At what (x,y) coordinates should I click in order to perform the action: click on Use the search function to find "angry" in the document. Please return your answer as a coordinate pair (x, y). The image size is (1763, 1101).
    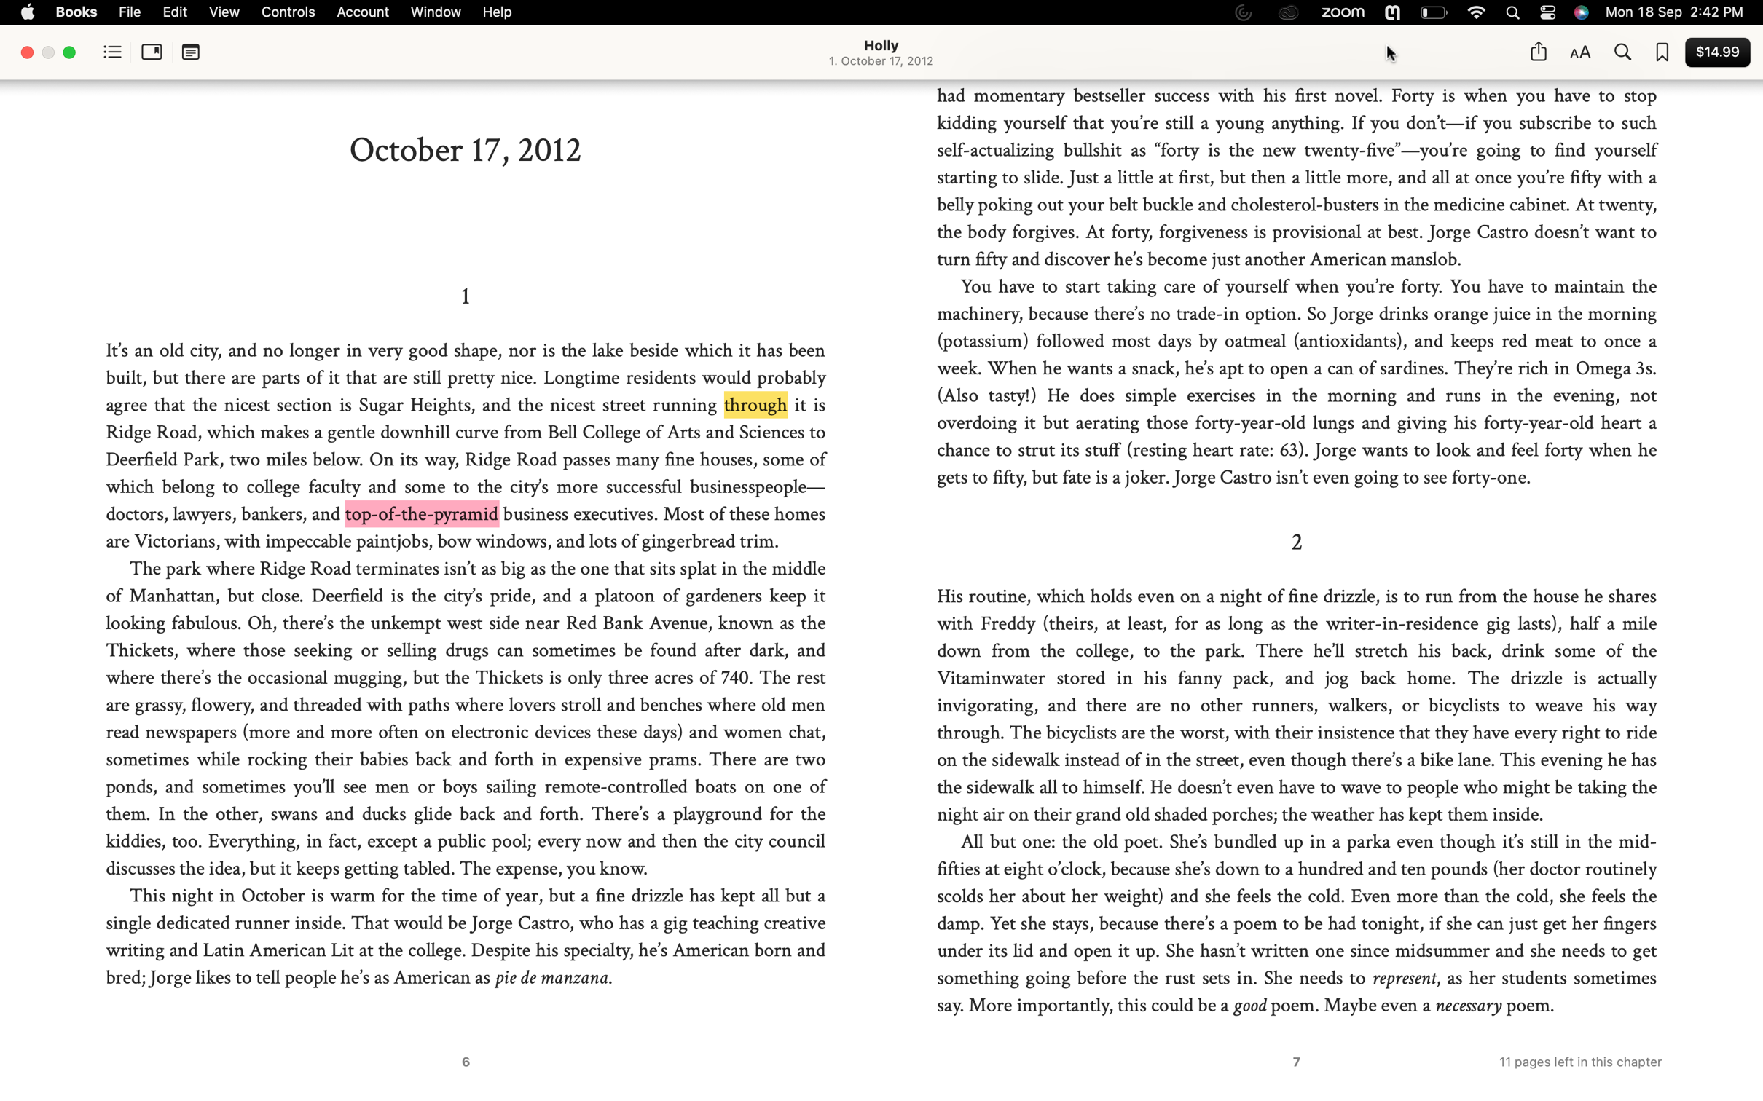
    Looking at the image, I should click on (1621, 53).